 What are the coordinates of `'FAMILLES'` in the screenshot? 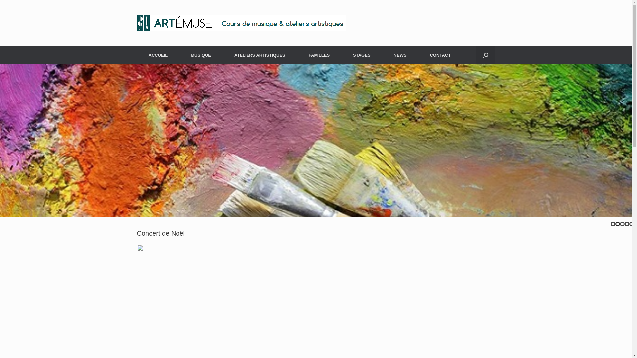 It's located at (319, 55).